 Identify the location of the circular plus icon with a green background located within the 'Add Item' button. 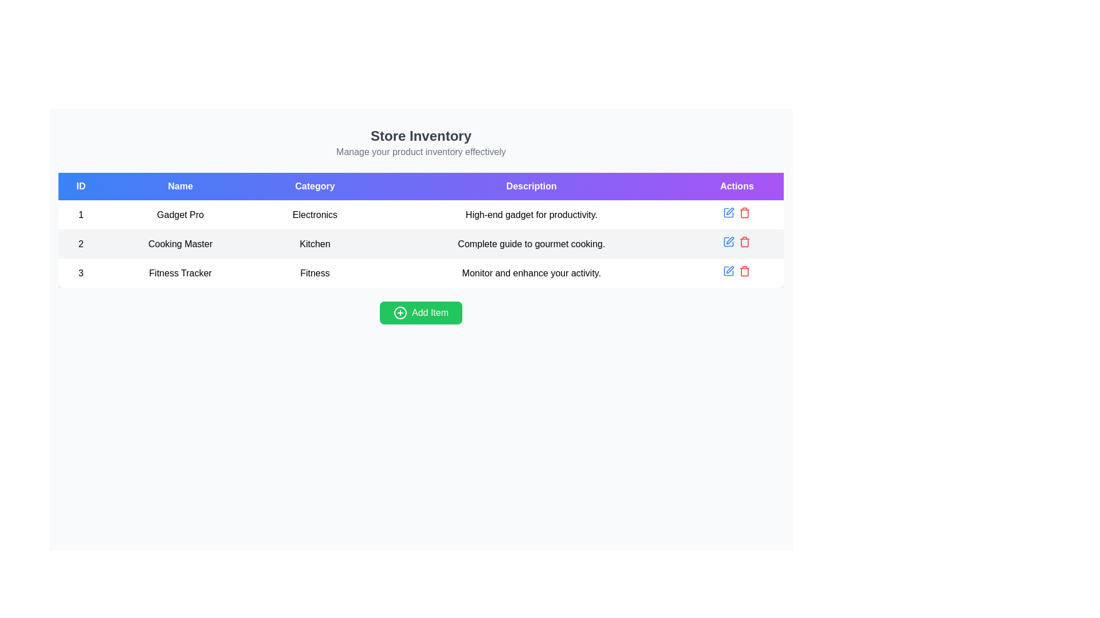
(400, 313).